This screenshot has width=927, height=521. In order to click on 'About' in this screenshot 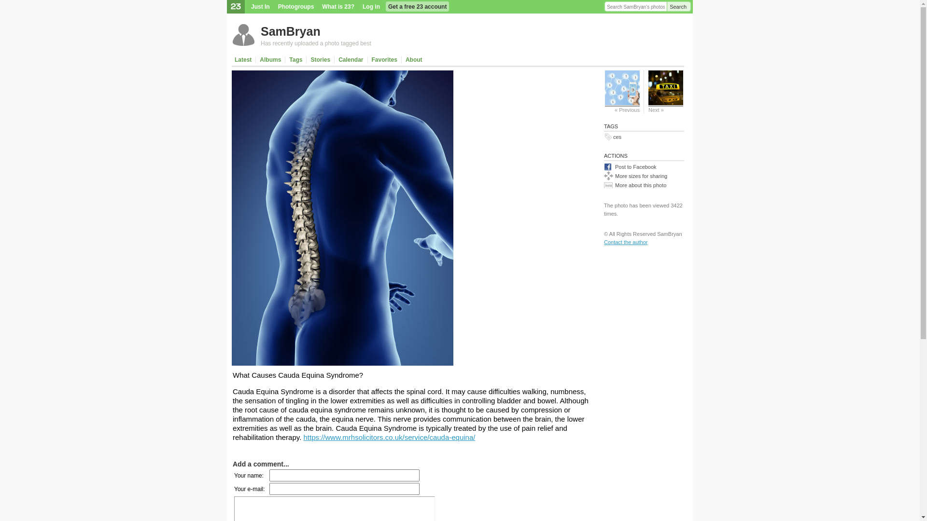, I will do `click(414, 59)`.